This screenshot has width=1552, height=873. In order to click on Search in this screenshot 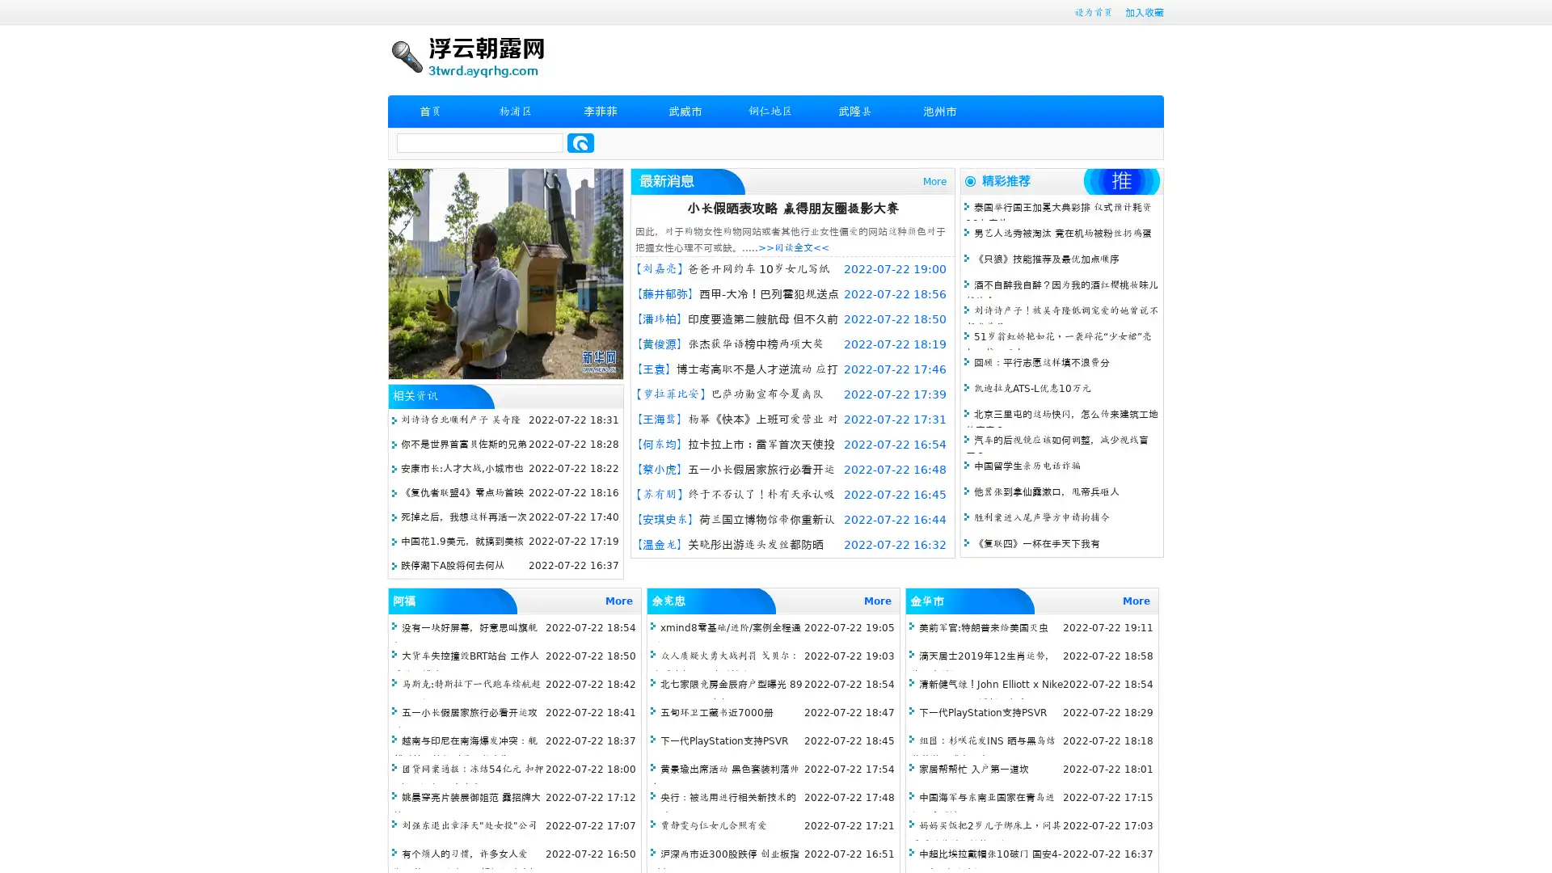, I will do `click(580, 142)`.